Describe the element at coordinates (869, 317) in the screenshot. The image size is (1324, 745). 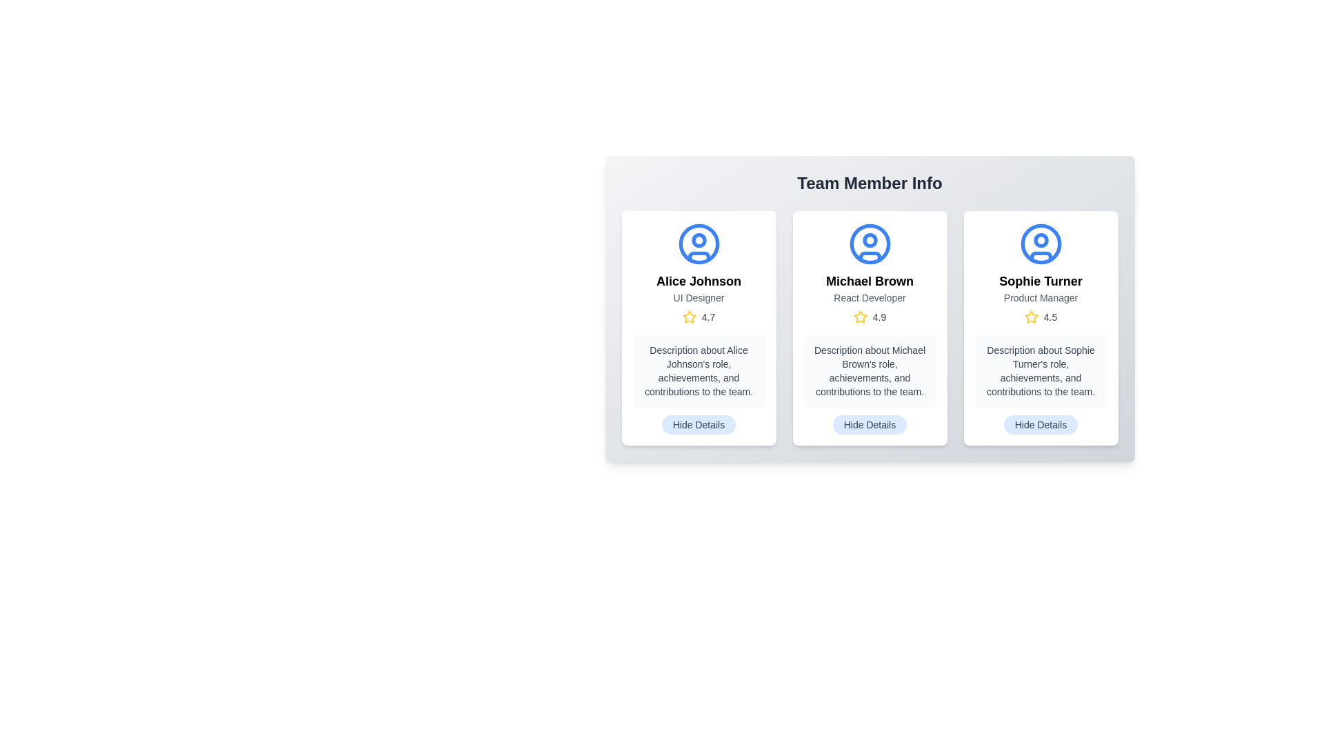
I see `rating value from the Rating indicator located to the right of the 'React Developer' title and below the 'Michael Brown' name in the middle card of a triplet of cards` at that location.